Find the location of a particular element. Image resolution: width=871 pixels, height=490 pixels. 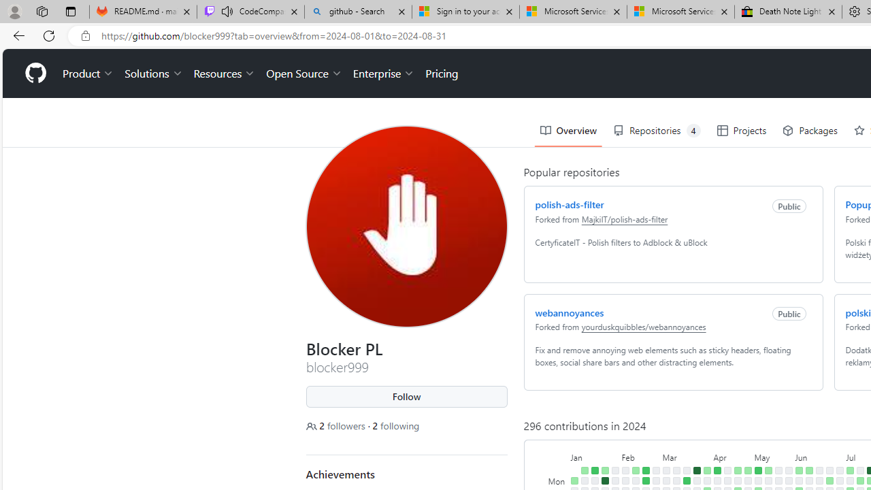

'2 following' is located at coordinates (395, 425).